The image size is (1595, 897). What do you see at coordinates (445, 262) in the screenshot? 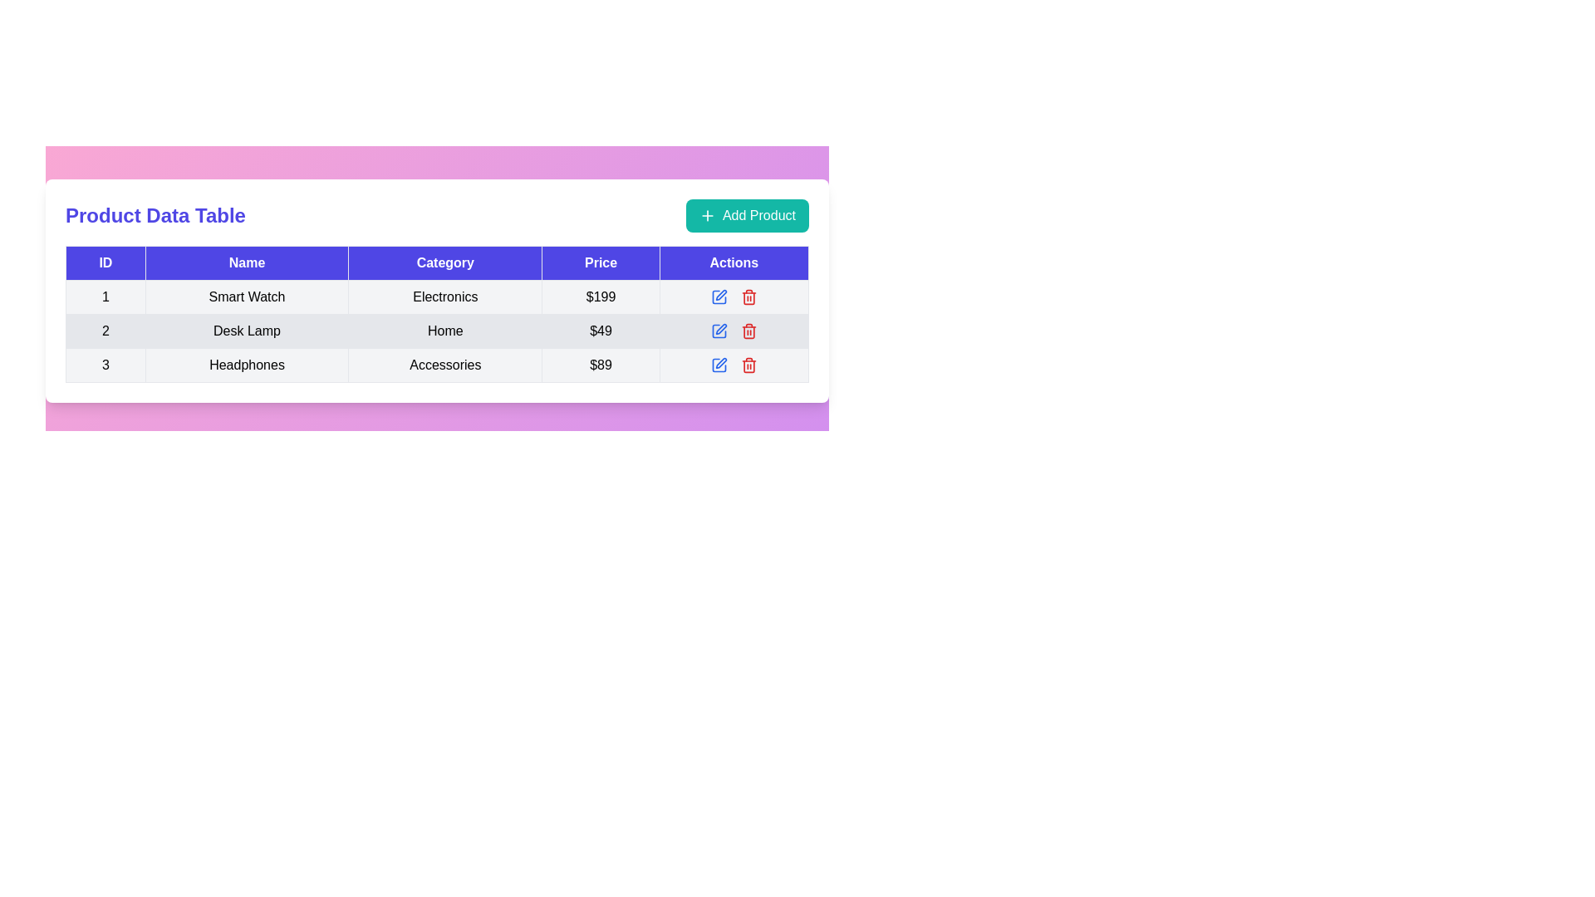
I see `the 'Category' table header, which is a rectangular button-like component with a blue background and white text` at bounding box center [445, 262].